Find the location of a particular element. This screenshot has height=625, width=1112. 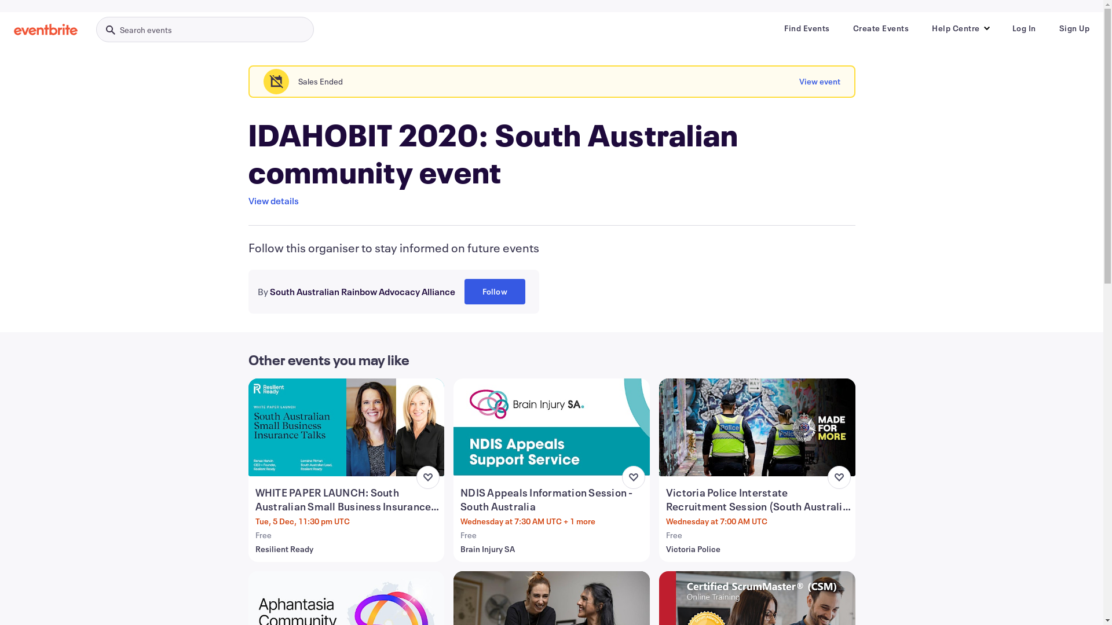

'Sign Up' is located at coordinates (1073, 28).